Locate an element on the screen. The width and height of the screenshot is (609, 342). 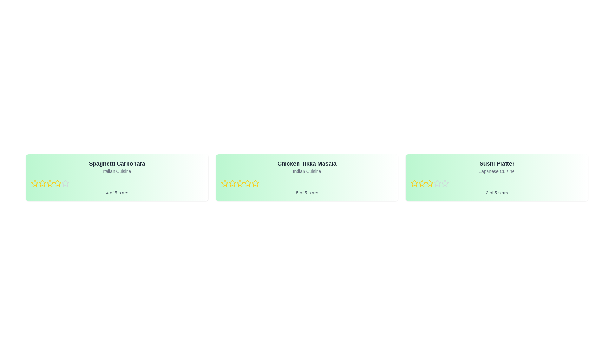
the dish card for Sushi Platter is located at coordinates (496, 177).